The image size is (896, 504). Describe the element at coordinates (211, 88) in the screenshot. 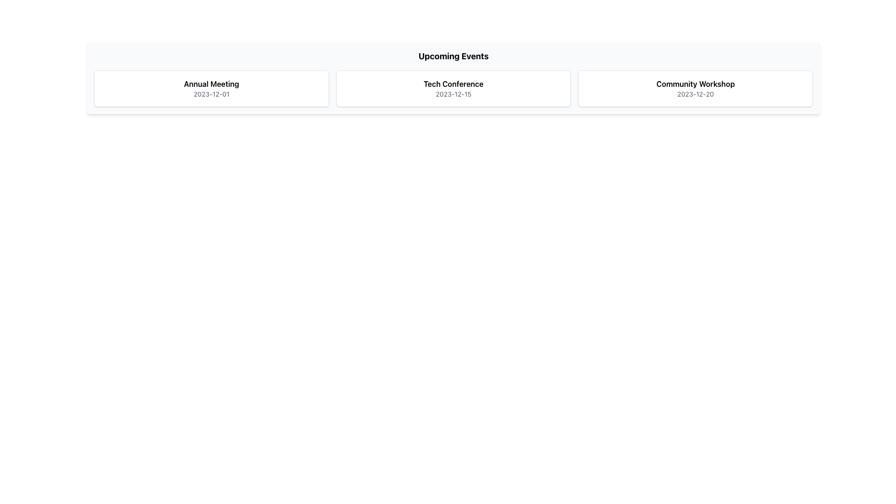

I see `the Informational card with the title 'Annual Meeting' and date '2023-12-01', which is the first card in a horizontal list of three similar elements` at that location.